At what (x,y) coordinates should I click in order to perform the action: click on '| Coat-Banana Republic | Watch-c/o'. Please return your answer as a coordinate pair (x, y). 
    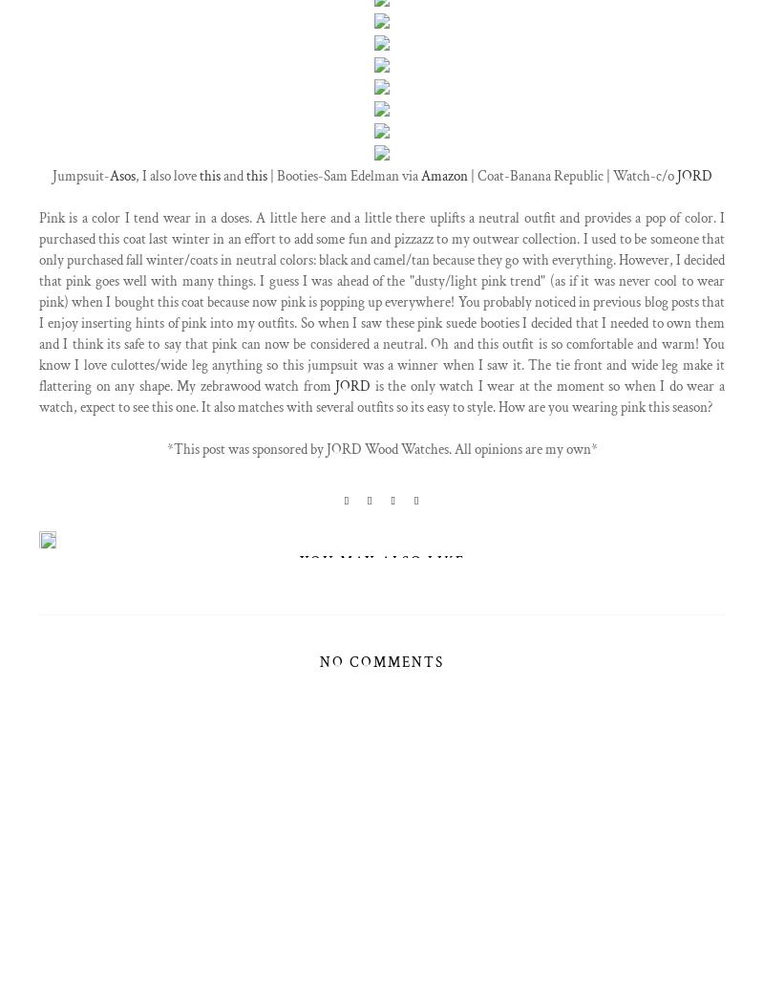
    Looking at the image, I should click on (466, 174).